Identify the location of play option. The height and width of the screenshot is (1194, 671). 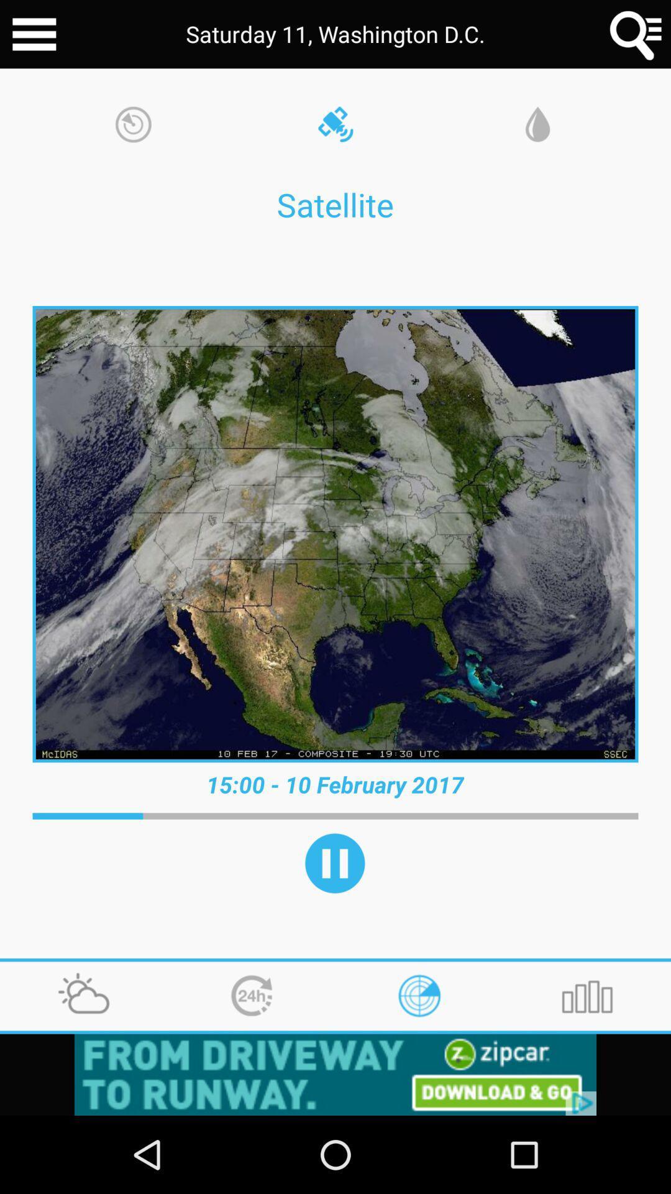
(334, 863).